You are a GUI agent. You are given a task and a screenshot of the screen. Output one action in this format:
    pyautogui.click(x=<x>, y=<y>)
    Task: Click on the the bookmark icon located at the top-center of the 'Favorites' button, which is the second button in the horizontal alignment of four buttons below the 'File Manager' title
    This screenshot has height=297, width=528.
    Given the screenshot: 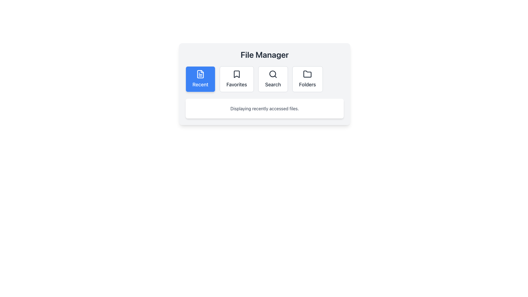 What is the action you would take?
    pyautogui.click(x=237, y=74)
    